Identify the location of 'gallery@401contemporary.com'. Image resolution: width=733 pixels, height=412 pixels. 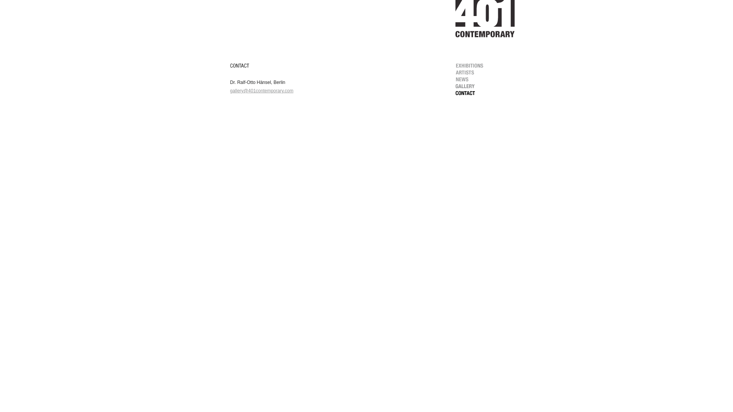
(262, 90).